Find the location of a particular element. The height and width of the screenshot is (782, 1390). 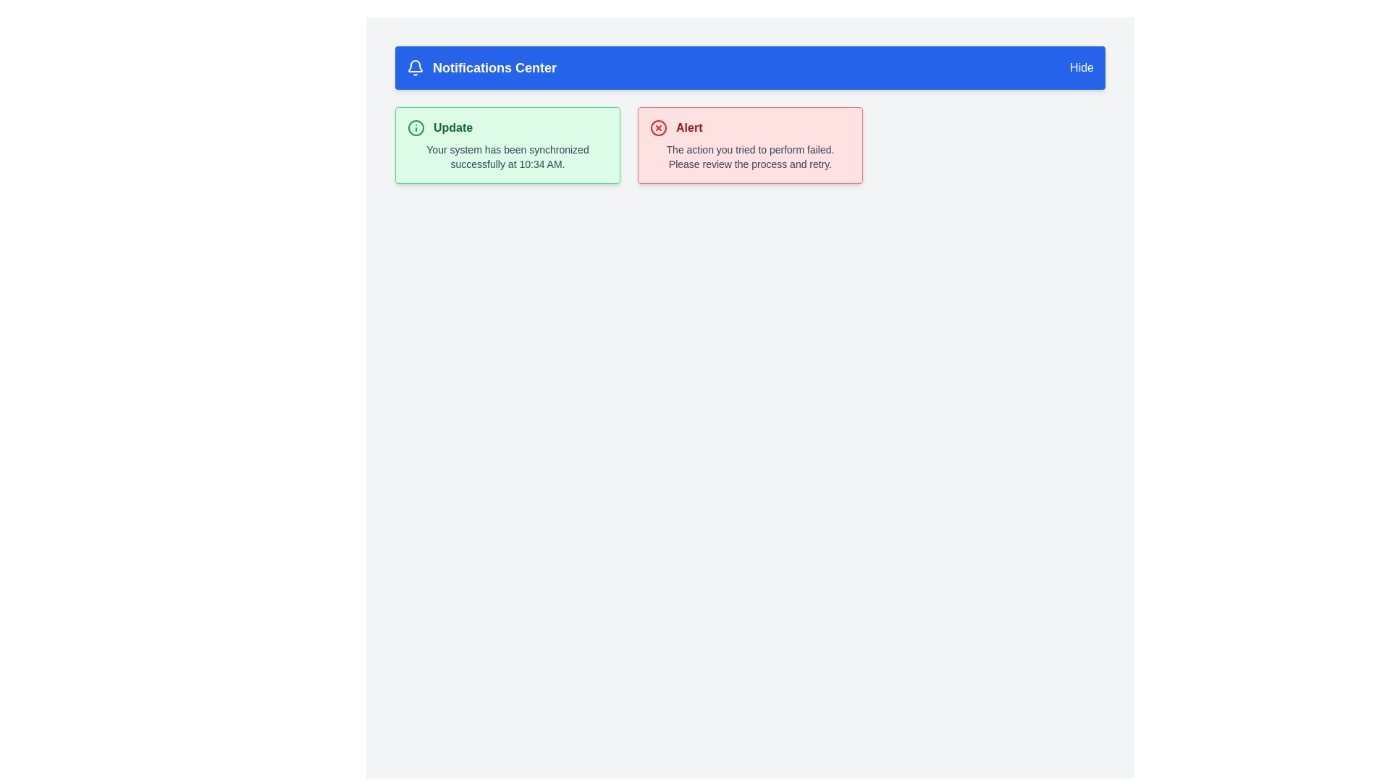

the first notification card in the Notifications Center, which conveys a status update about successful synchronization is located at coordinates (507, 145).